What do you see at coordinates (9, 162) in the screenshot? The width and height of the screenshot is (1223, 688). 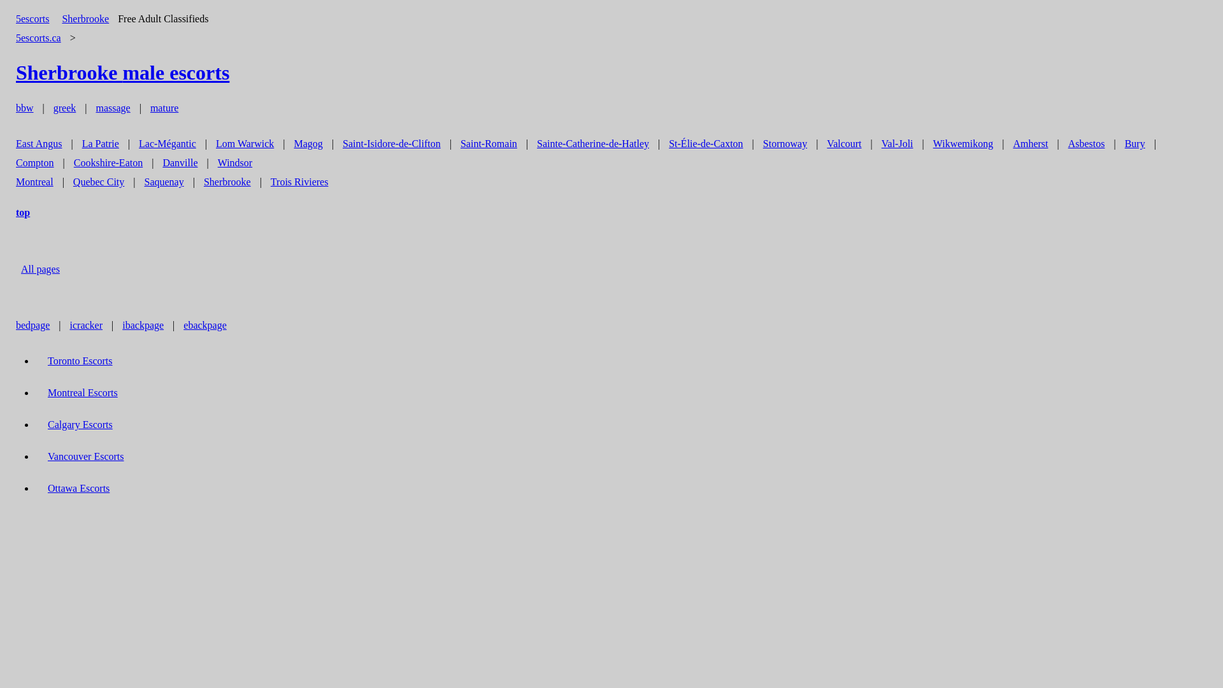 I see `'Compton'` at bounding box center [9, 162].